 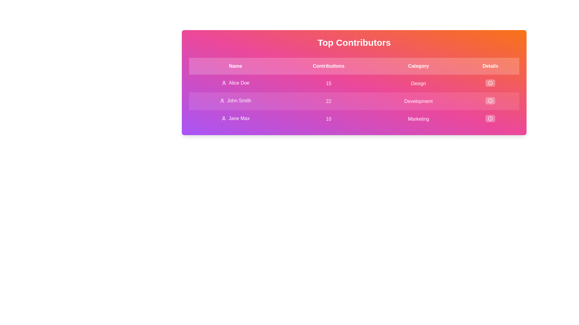 I want to click on the 'Development' label element, which displays the text in white on a colorful gradient background, located in the second row of the table under the 'Category' column, positioned between '22' and an interactive button, so click(x=418, y=101).